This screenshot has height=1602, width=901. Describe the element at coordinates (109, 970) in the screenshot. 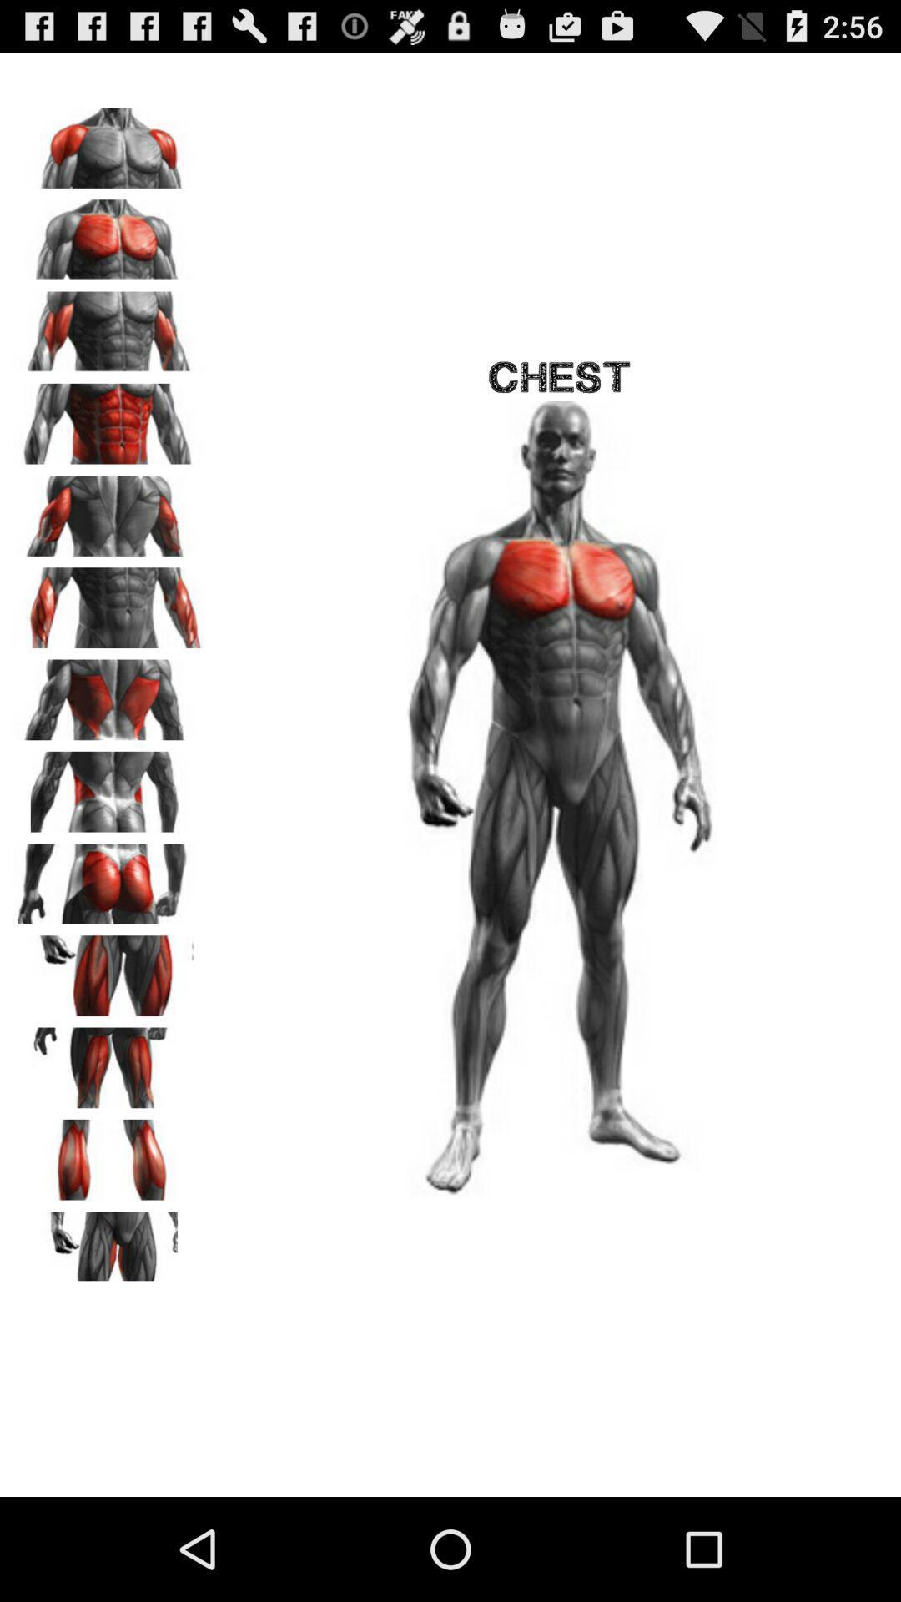

I see `focus on thighs` at that location.